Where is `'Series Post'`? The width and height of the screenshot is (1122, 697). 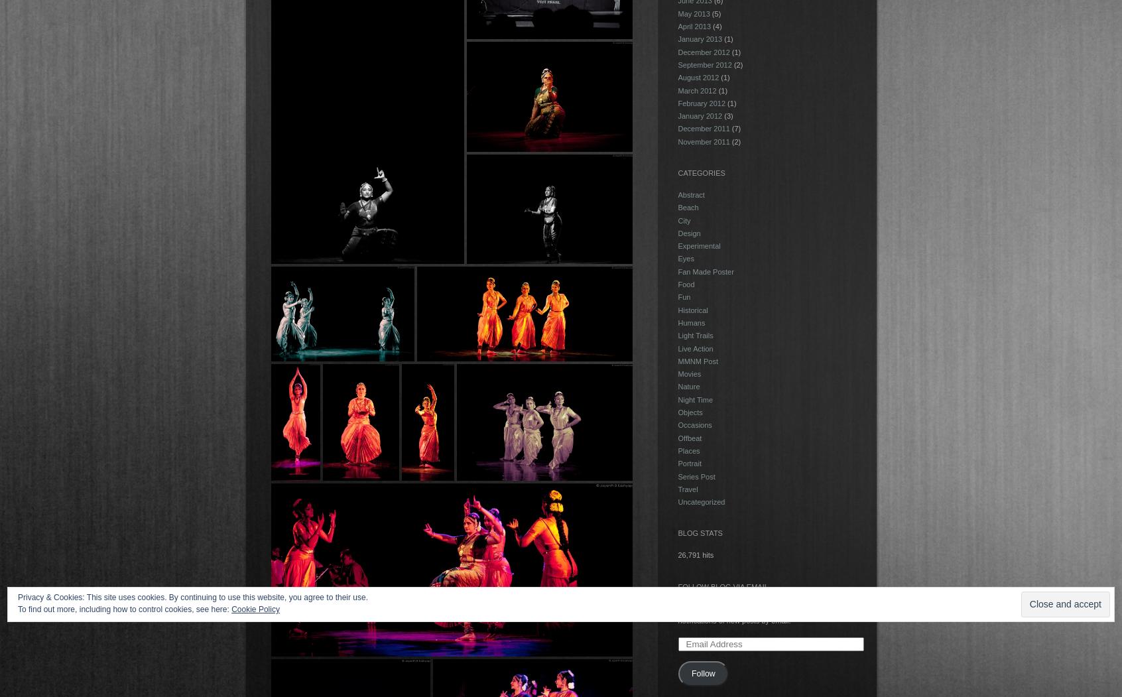
'Series Post' is located at coordinates (676, 475).